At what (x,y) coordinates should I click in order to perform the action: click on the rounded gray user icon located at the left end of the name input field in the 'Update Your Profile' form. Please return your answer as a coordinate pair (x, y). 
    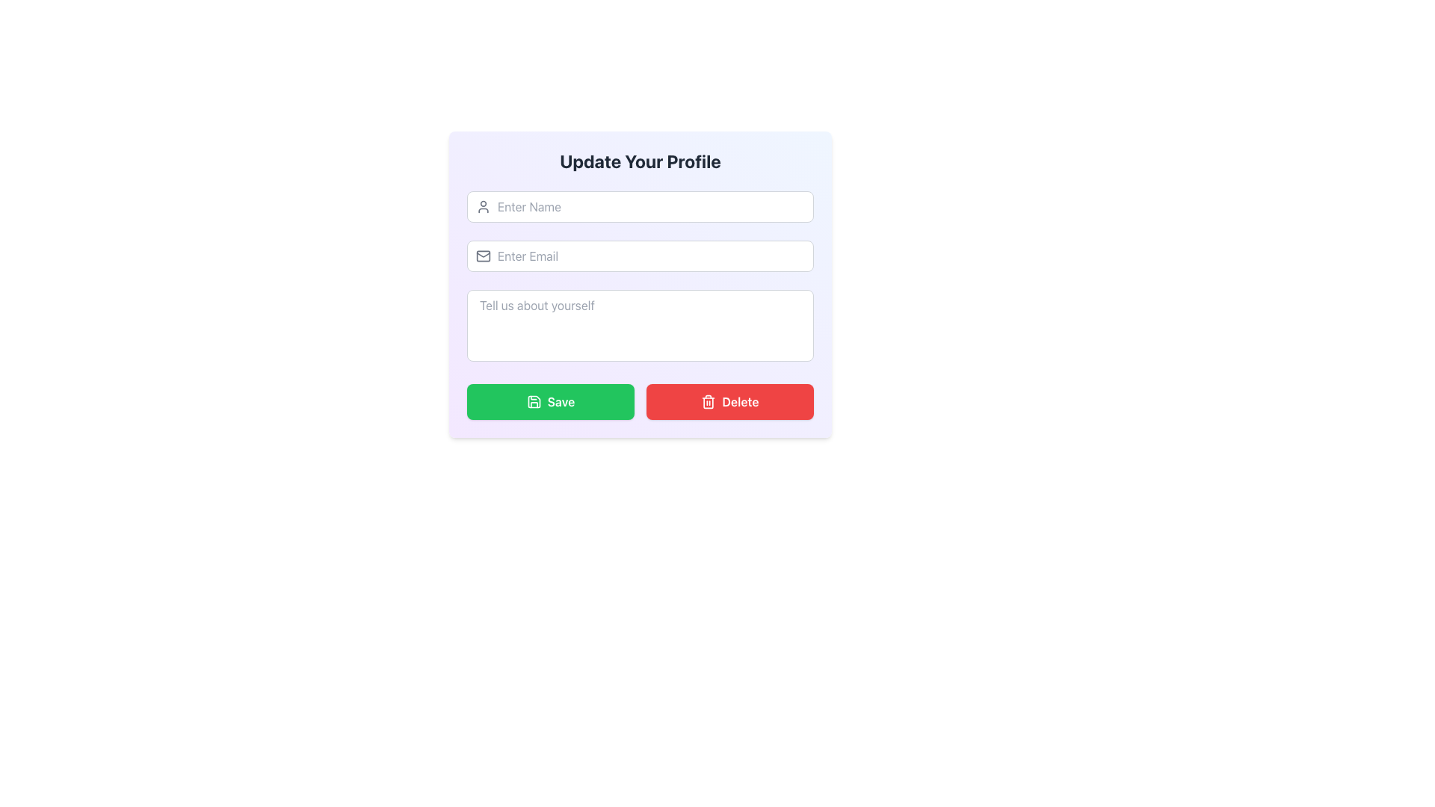
    Looking at the image, I should click on (484, 207).